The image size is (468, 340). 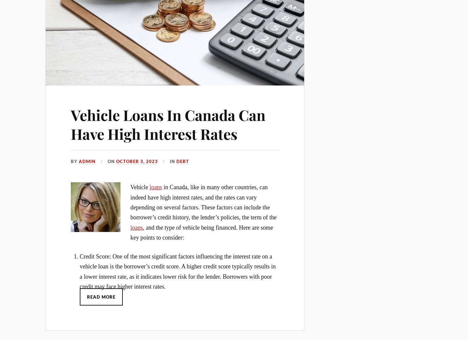 I want to click on 'Read More', so click(x=100, y=297).